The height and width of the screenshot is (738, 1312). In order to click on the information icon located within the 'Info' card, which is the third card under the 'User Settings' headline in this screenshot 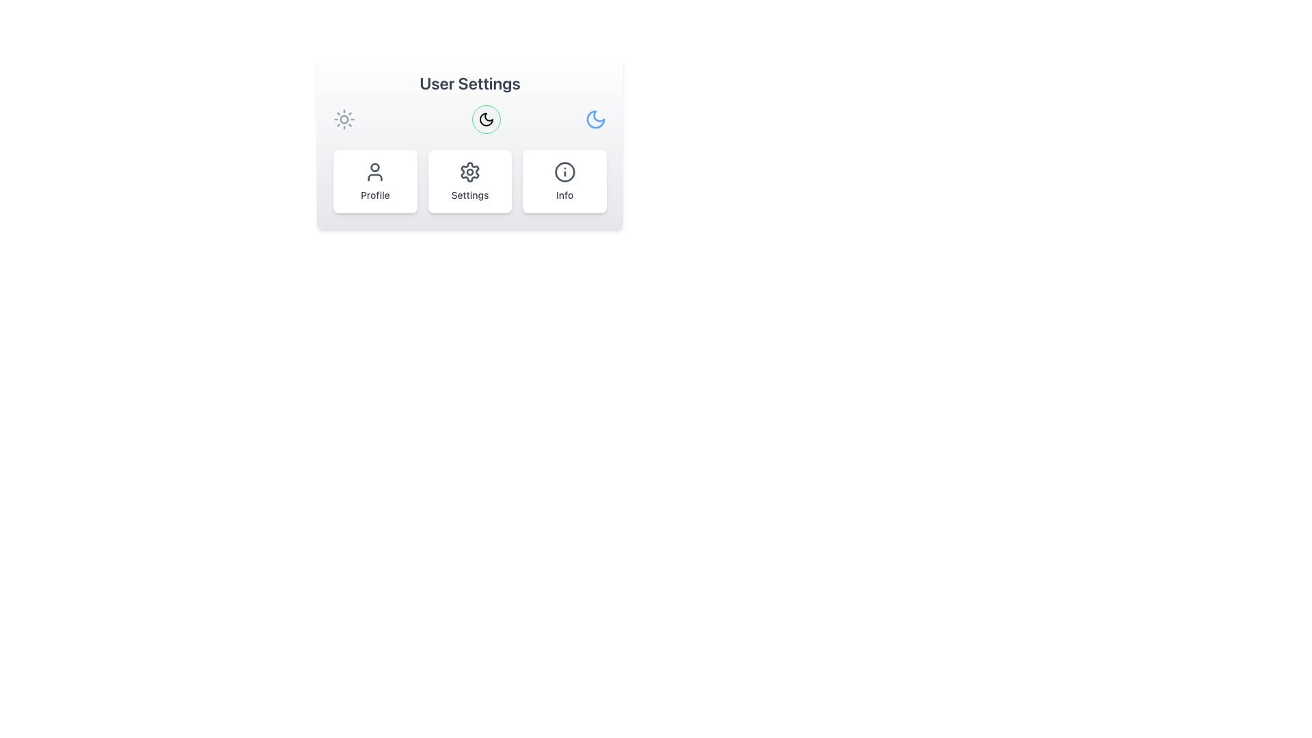, I will do `click(564, 171)`.